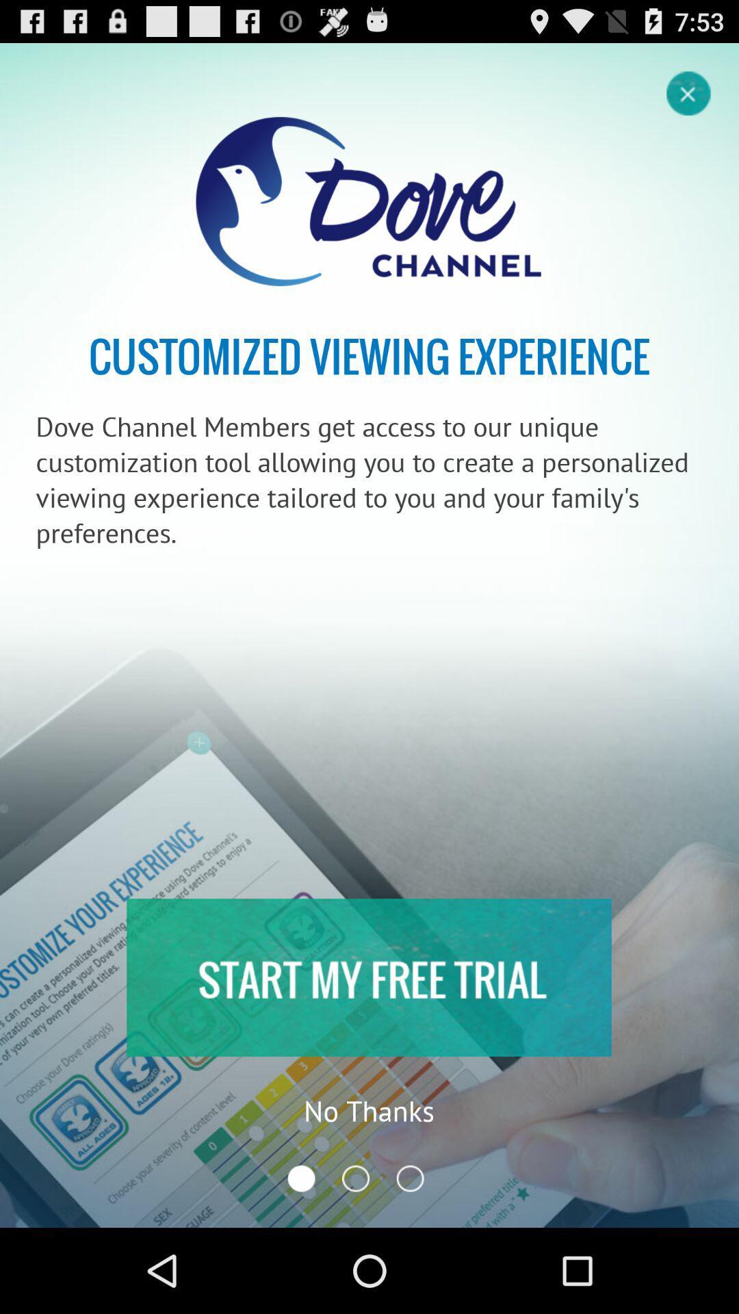 The image size is (739, 1314). Describe the element at coordinates (689, 99) in the screenshot. I see `the close icon` at that location.